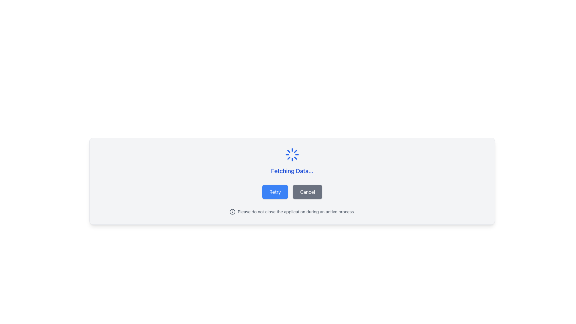 The image size is (576, 324). I want to click on the blue rectangular button with rounded corners labeled 'Retry' to observe its hover effects, so click(274, 192).